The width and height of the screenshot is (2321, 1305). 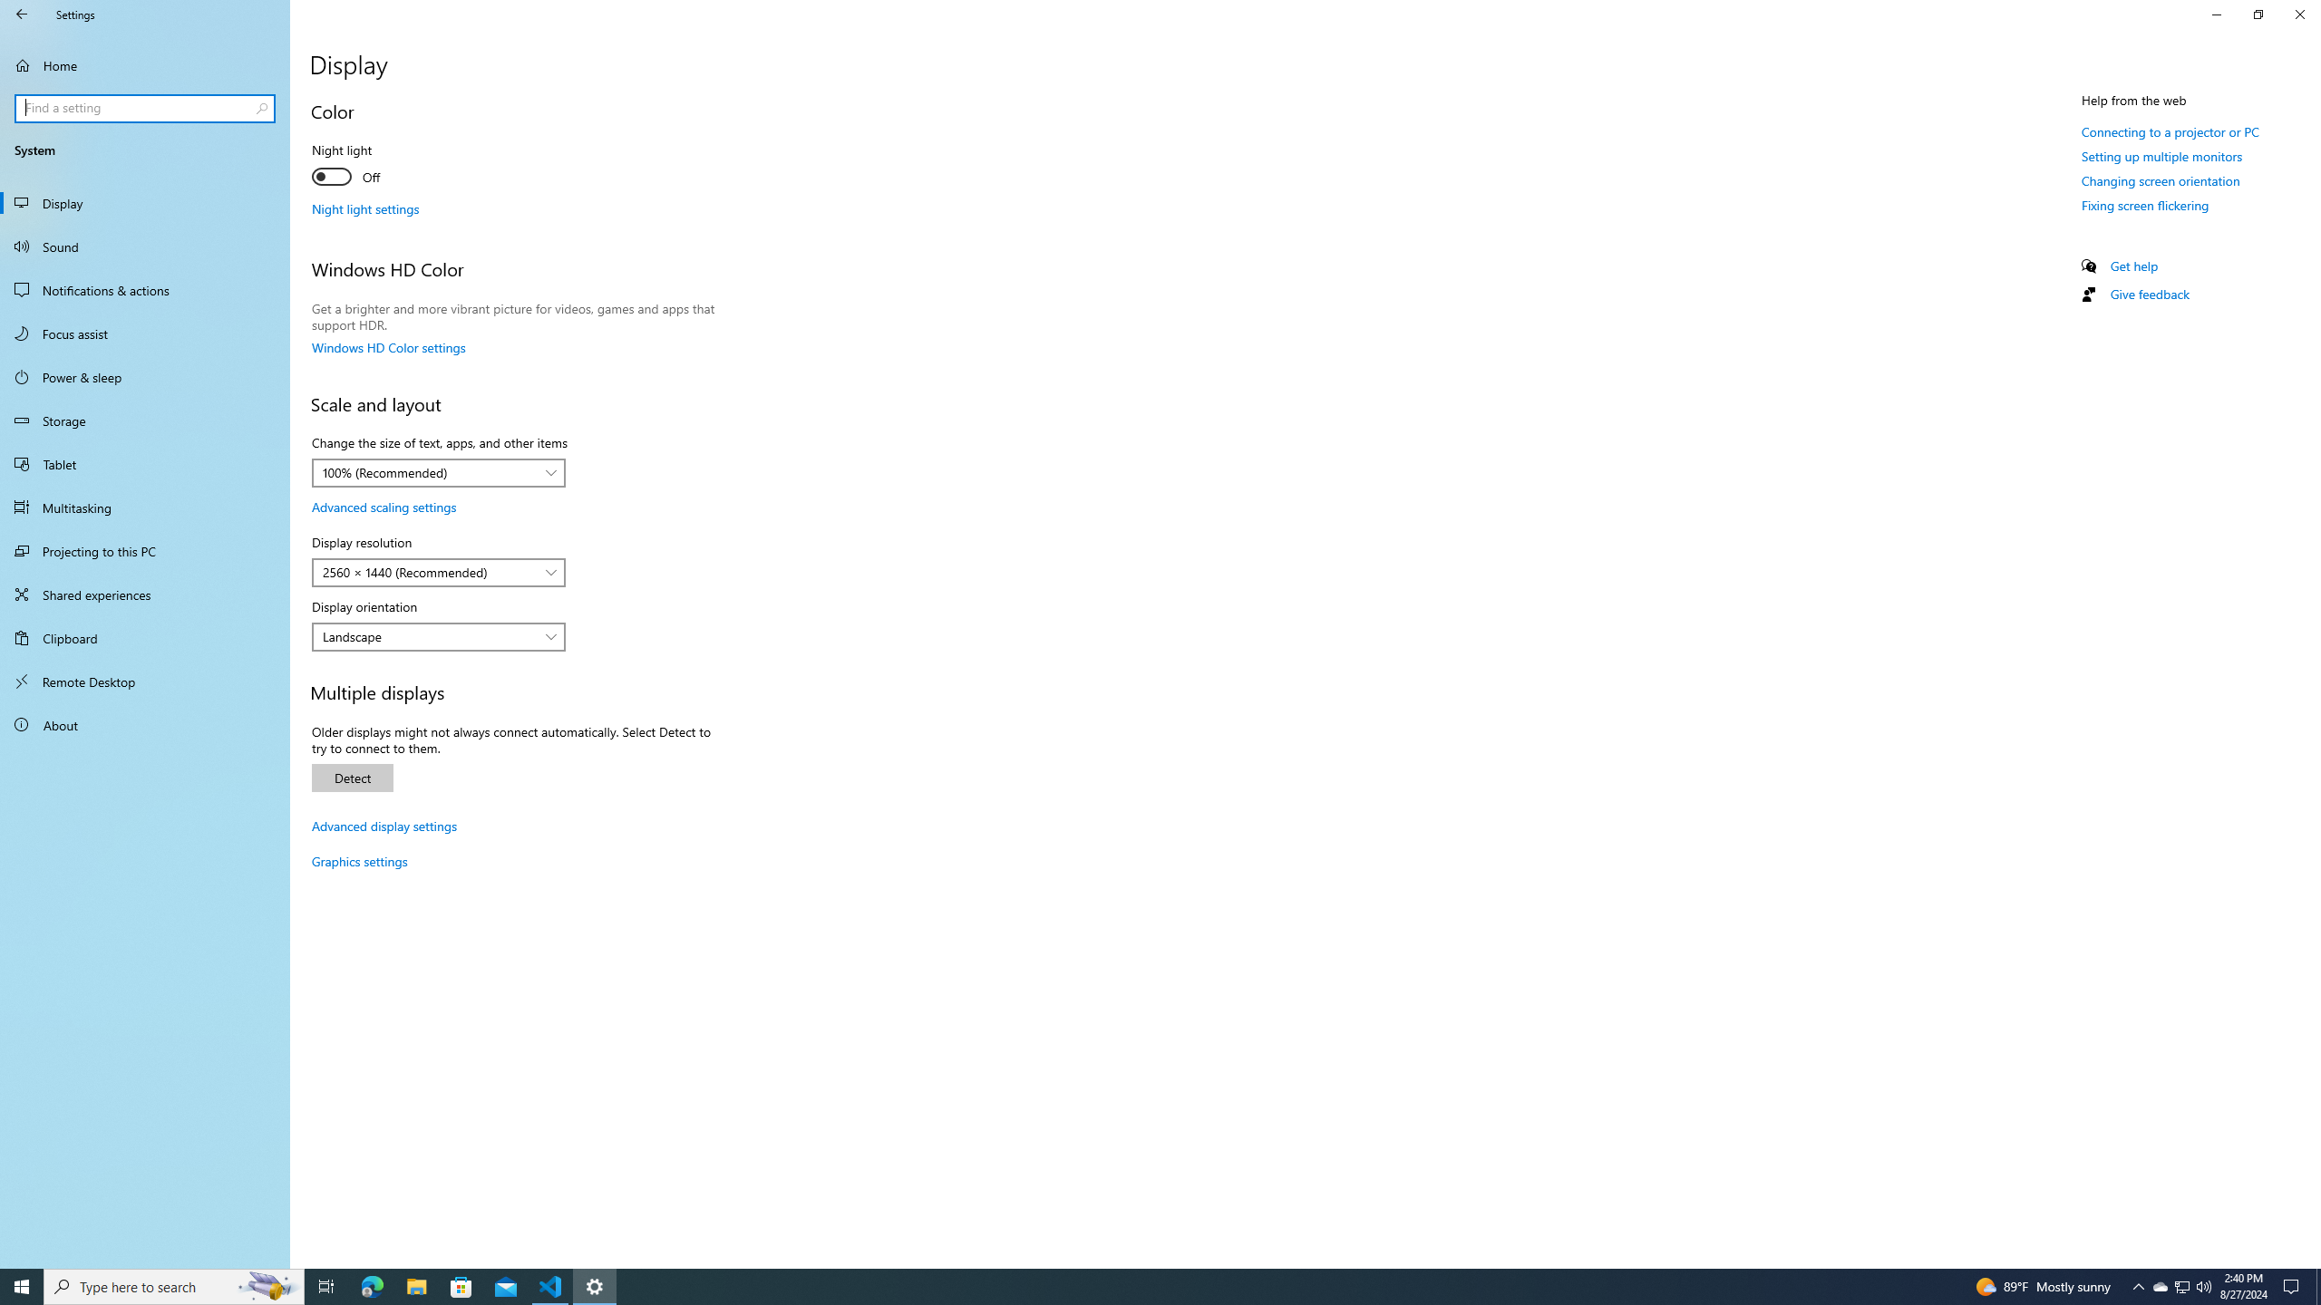 What do you see at coordinates (2169, 131) in the screenshot?
I see `'Connecting to a projector or PC'` at bounding box center [2169, 131].